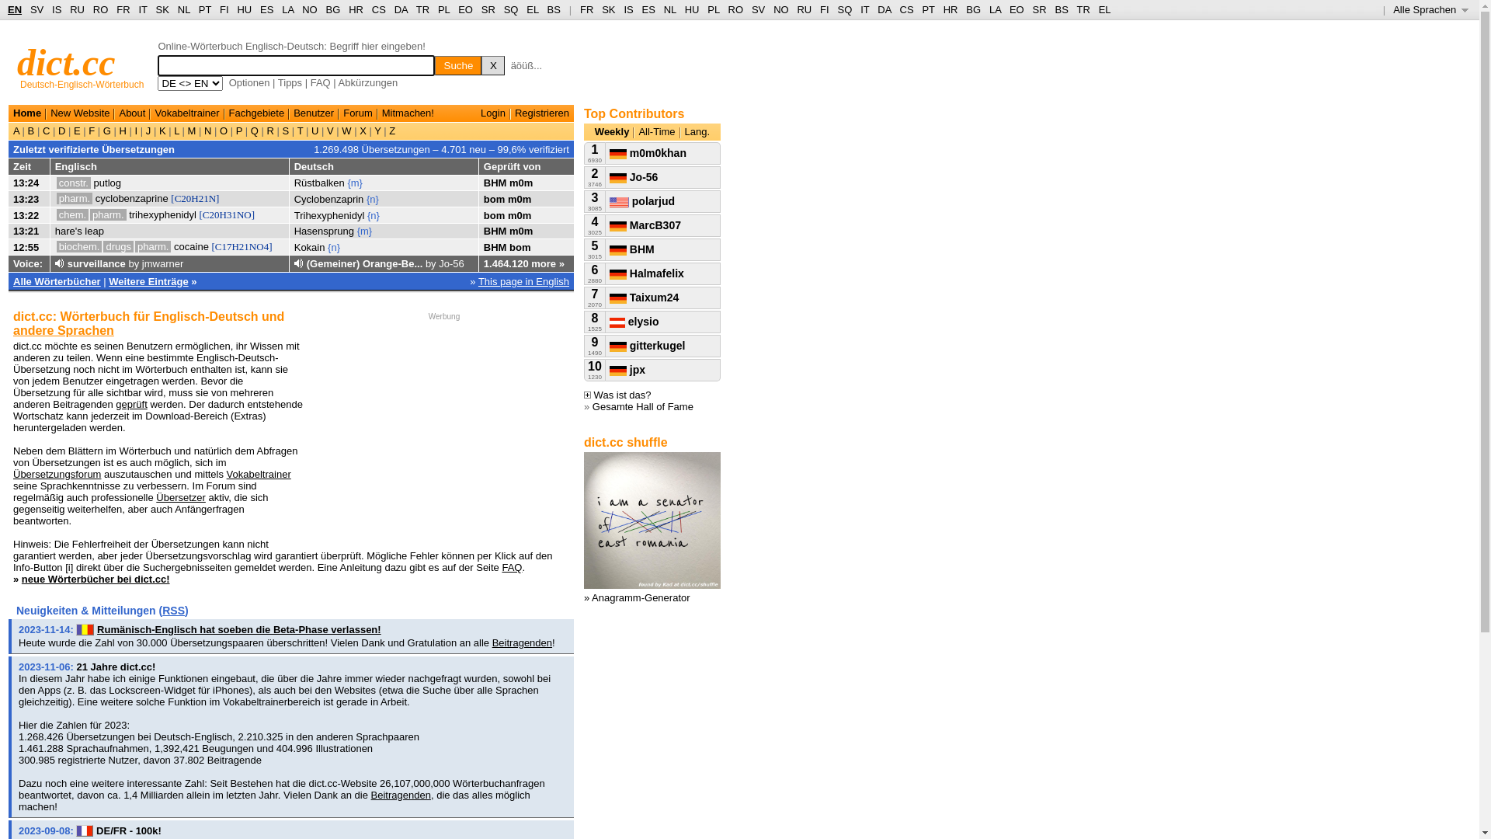  I want to click on 'About', so click(131, 112).